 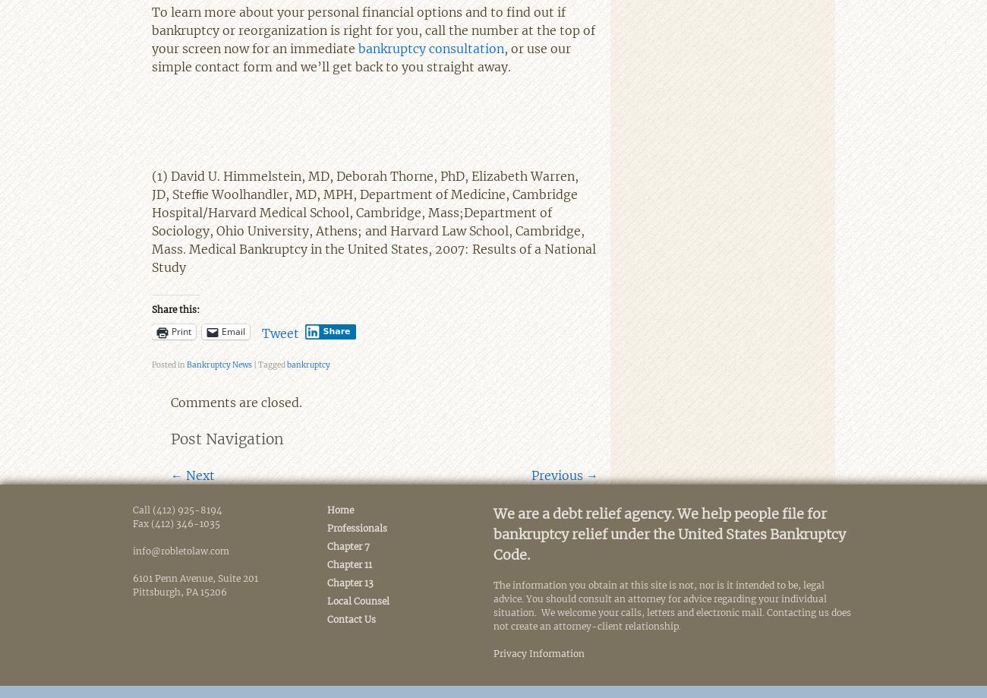 I want to click on ', or use our simple contact form and we’ll get back to you straight away.', so click(x=361, y=56).